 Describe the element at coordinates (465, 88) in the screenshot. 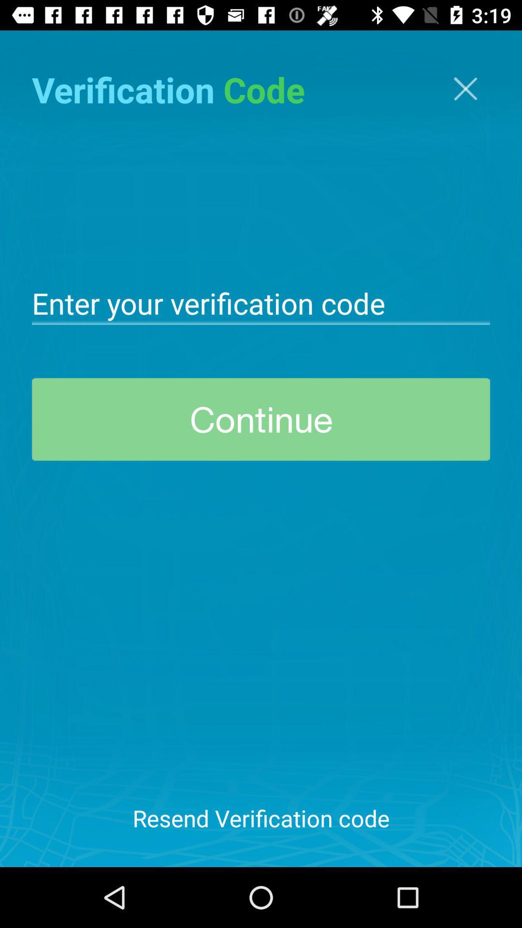

I see `item at the top right corner` at that location.